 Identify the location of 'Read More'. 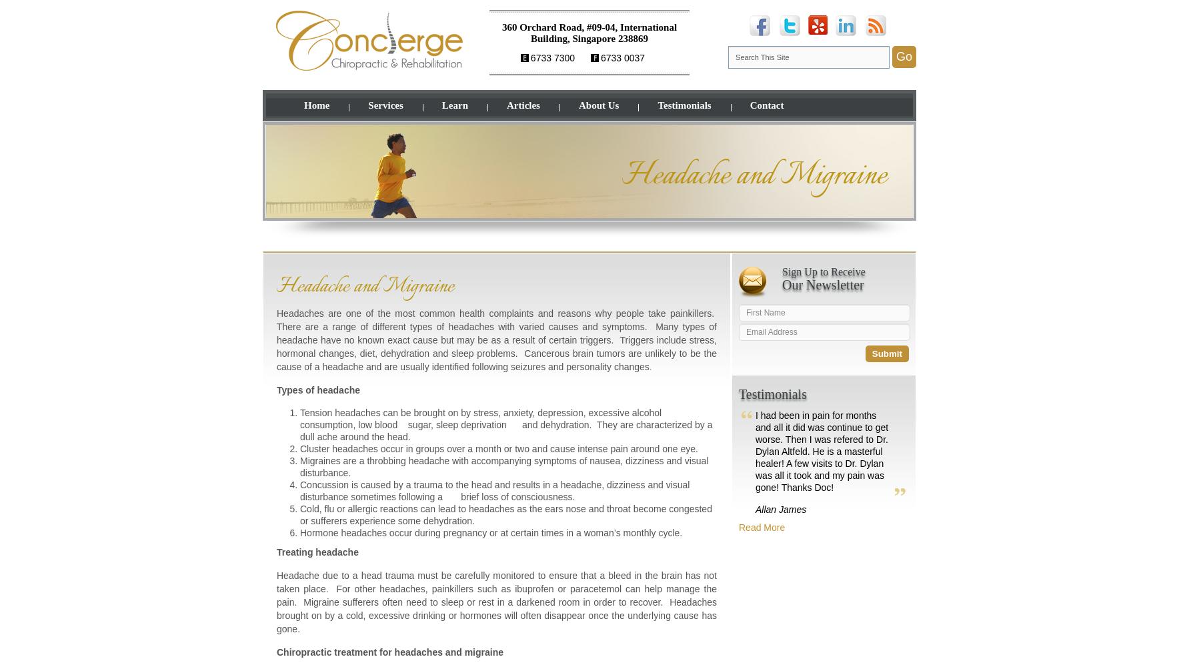
(739, 528).